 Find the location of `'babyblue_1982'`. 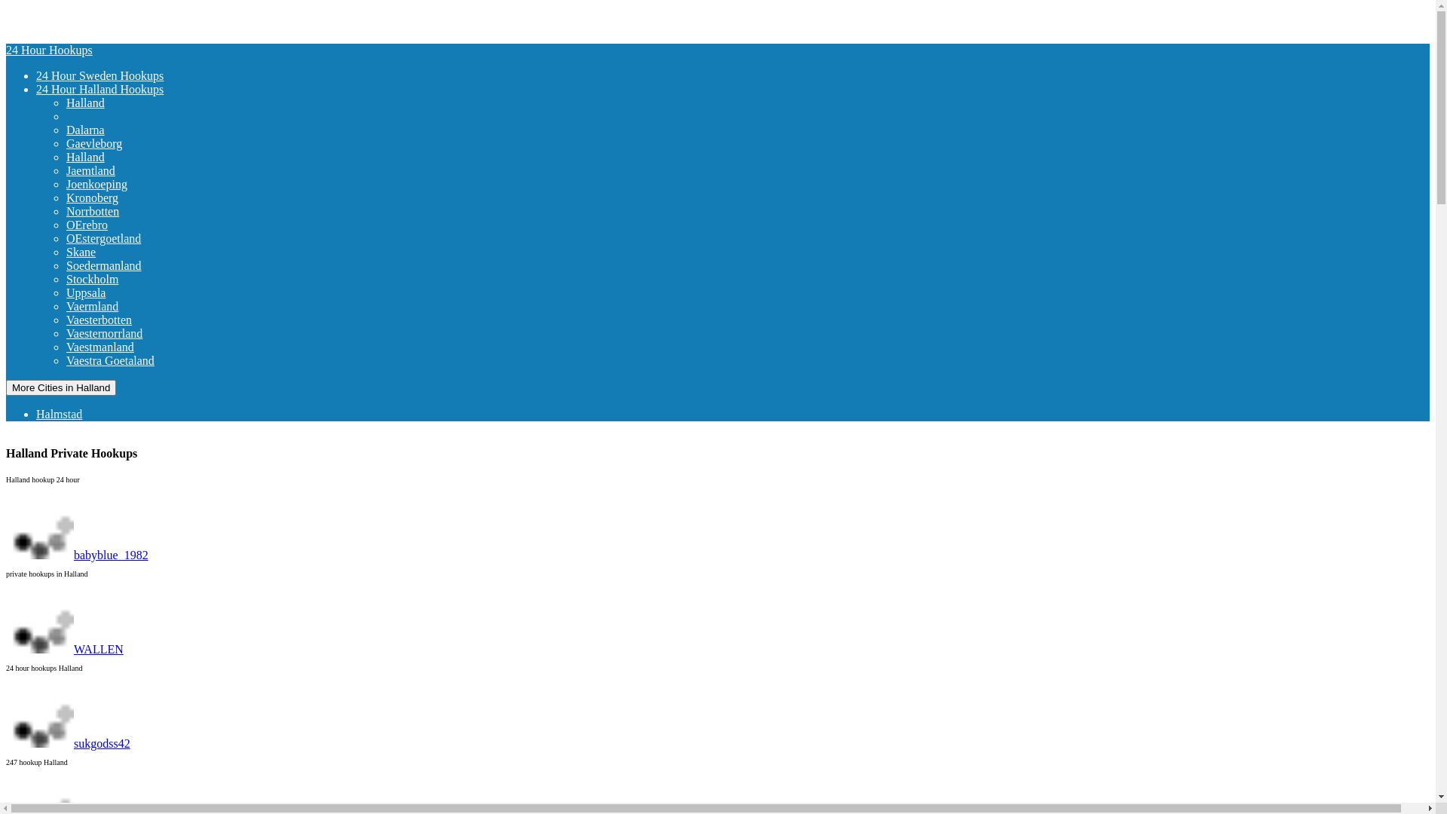

'babyblue_1982' is located at coordinates (76, 555).